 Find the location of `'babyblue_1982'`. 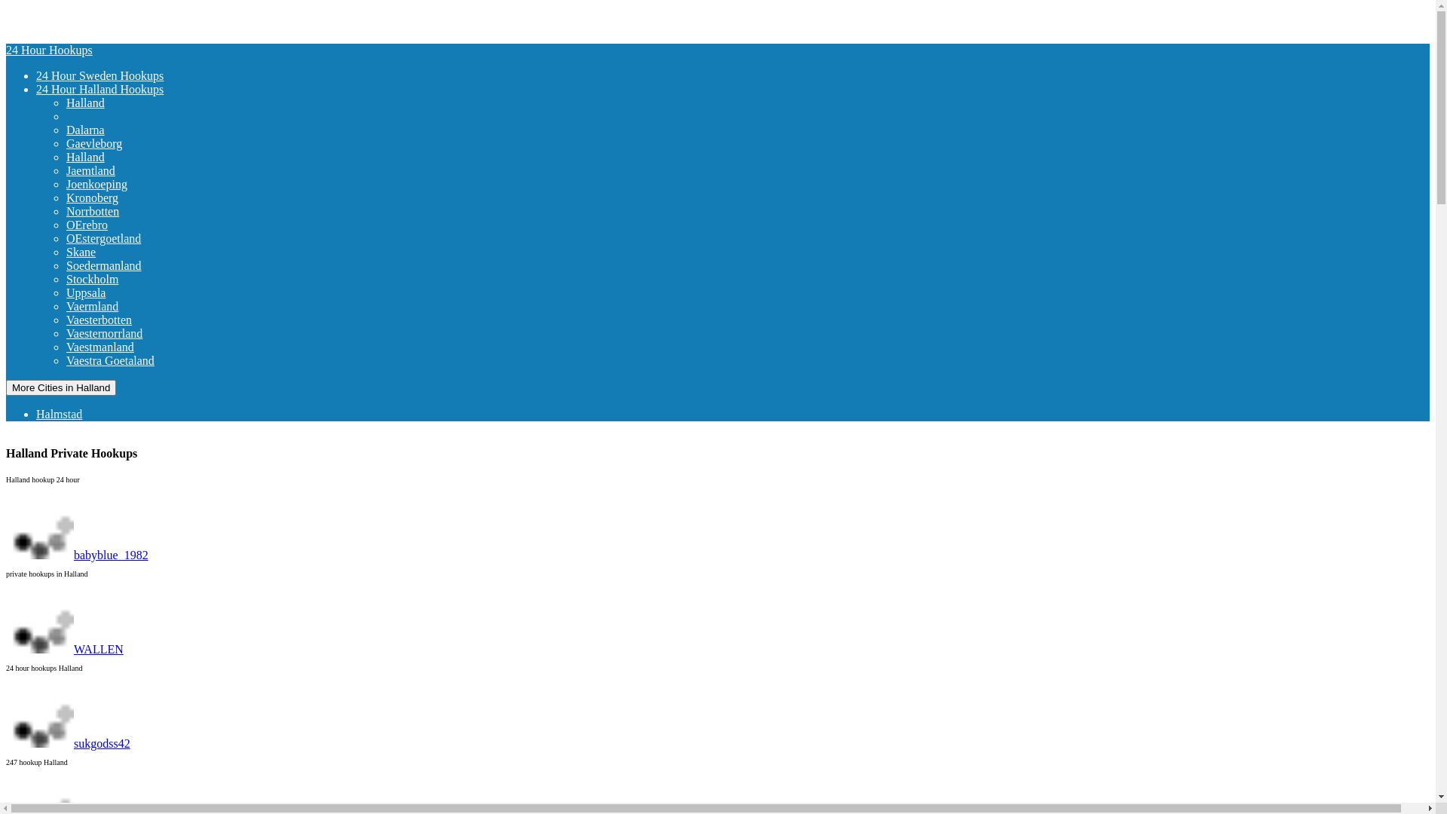

'babyblue_1982' is located at coordinates (76, 555).